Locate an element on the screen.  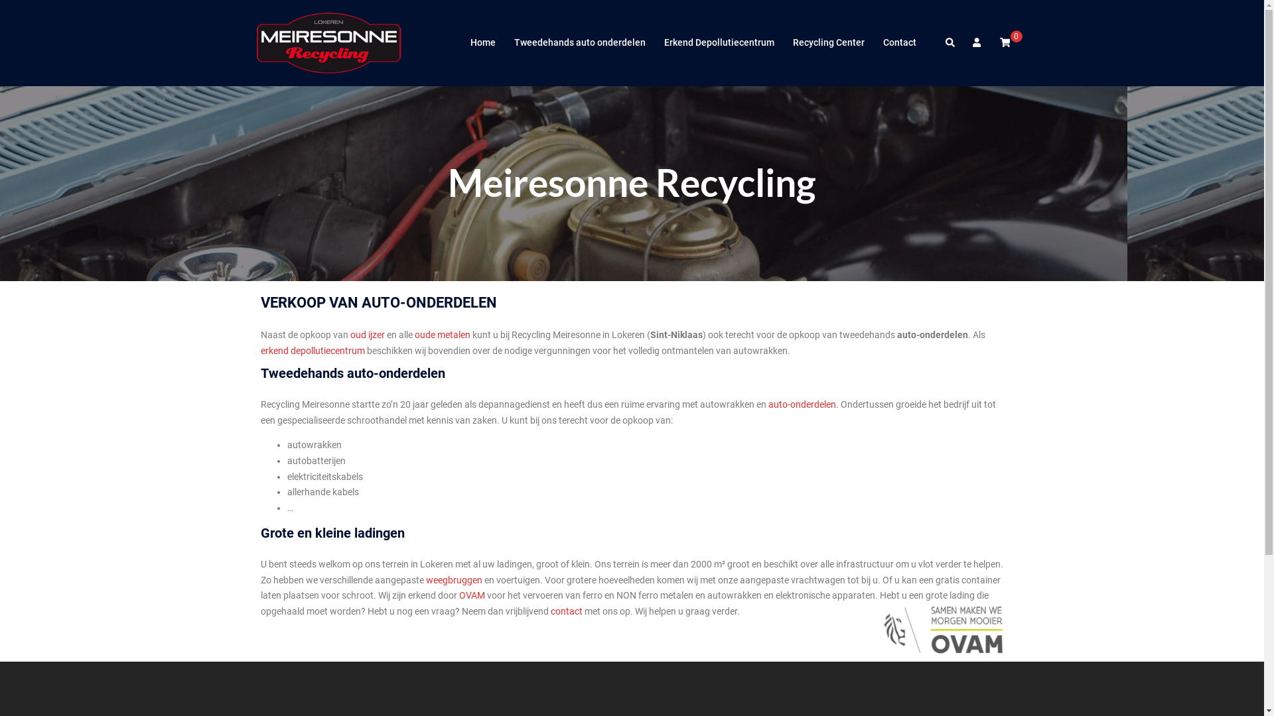
'Recycling Center' is located at coordinates (827, 42).